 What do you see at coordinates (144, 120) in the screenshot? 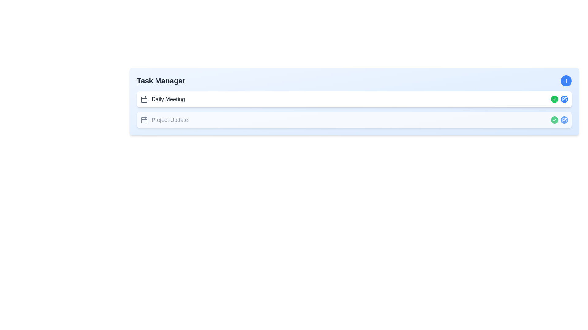
I see `the rectangular icon located at the lower central position of the calendar symbol` at bounding box center [144, 120].